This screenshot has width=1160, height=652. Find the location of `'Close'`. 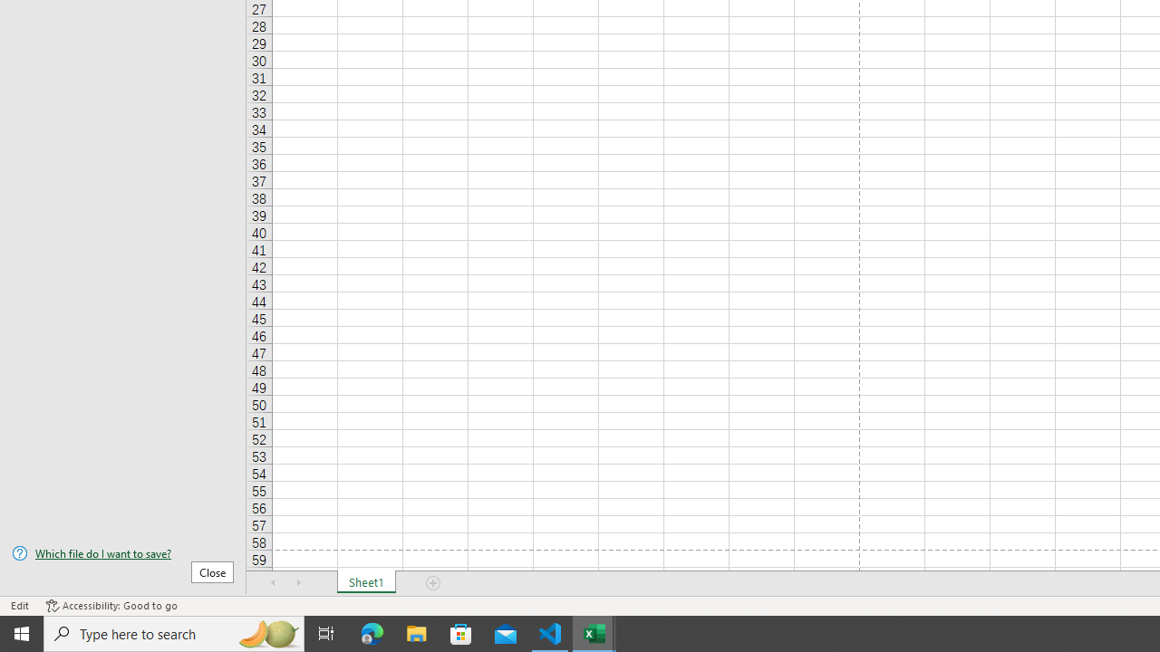

'Close' is located at coordinates (212, 571).